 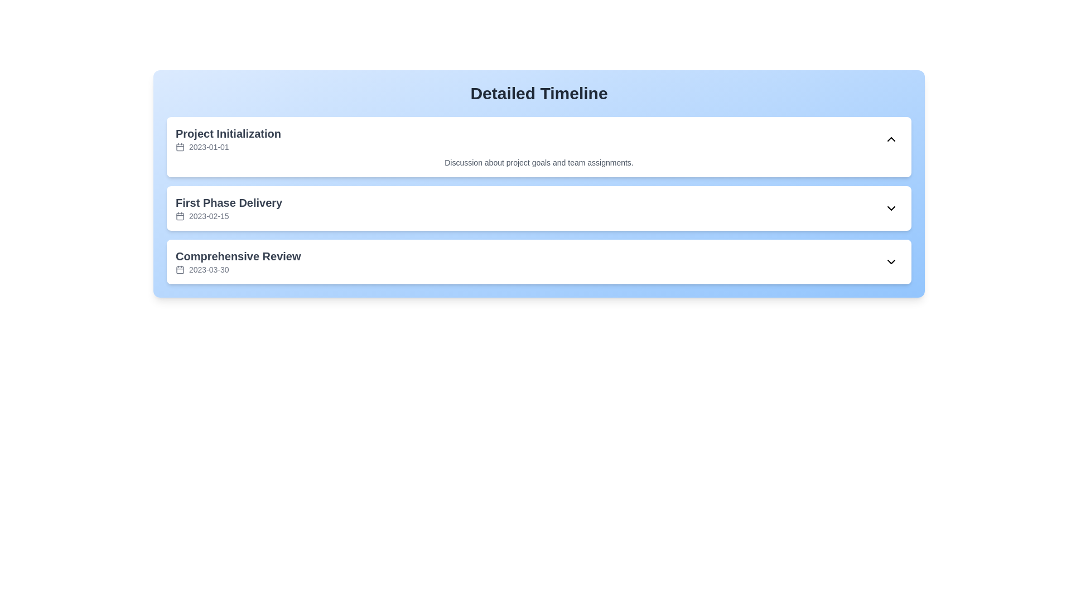 What do you see at coordinates (180, 146) in the screenshot?
I see `the small calendar icon located in the header of the first event titled 'Project Initialization', positioned to the left of the date text '2023-01-01', for additional information` at bounding box center [180, 146].